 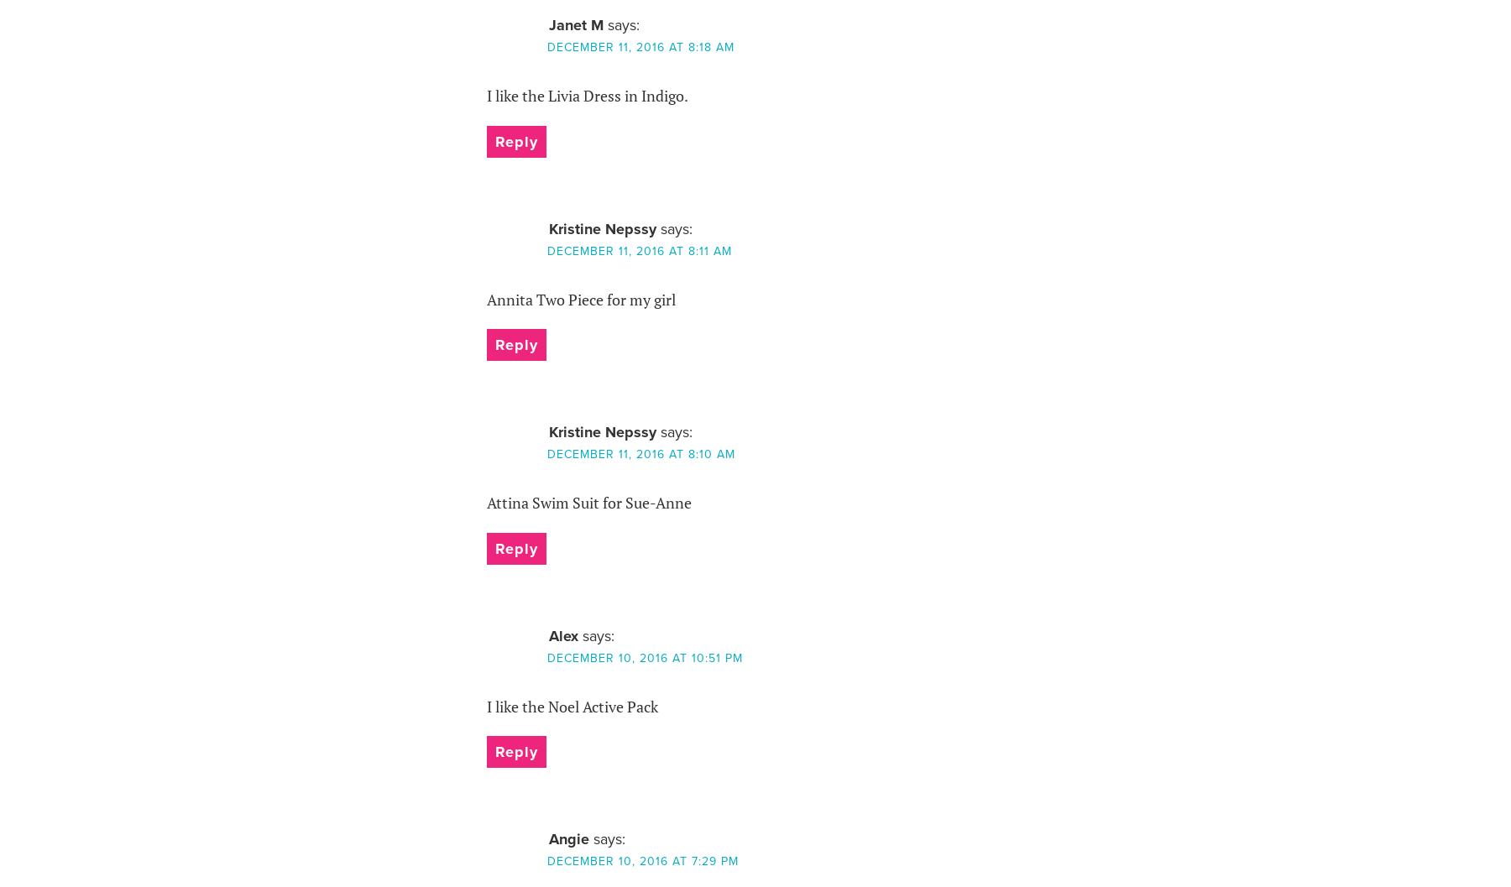 I want to click on 'December 10, 2016 at 7:29 pm', so click(x=641, y=860).